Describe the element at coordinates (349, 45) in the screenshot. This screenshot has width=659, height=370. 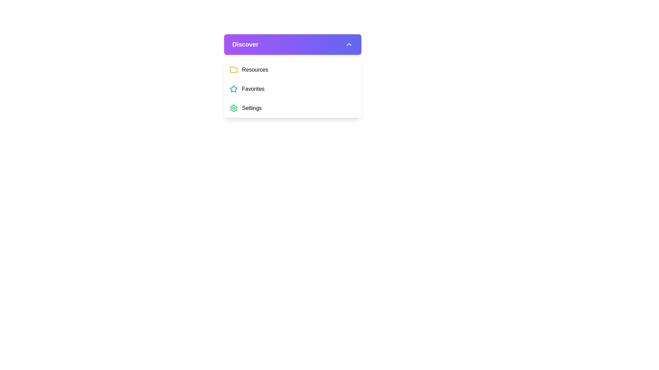
I see `the Chevron Up icon located at the far-right side of the 'Discover' header section` at that location.